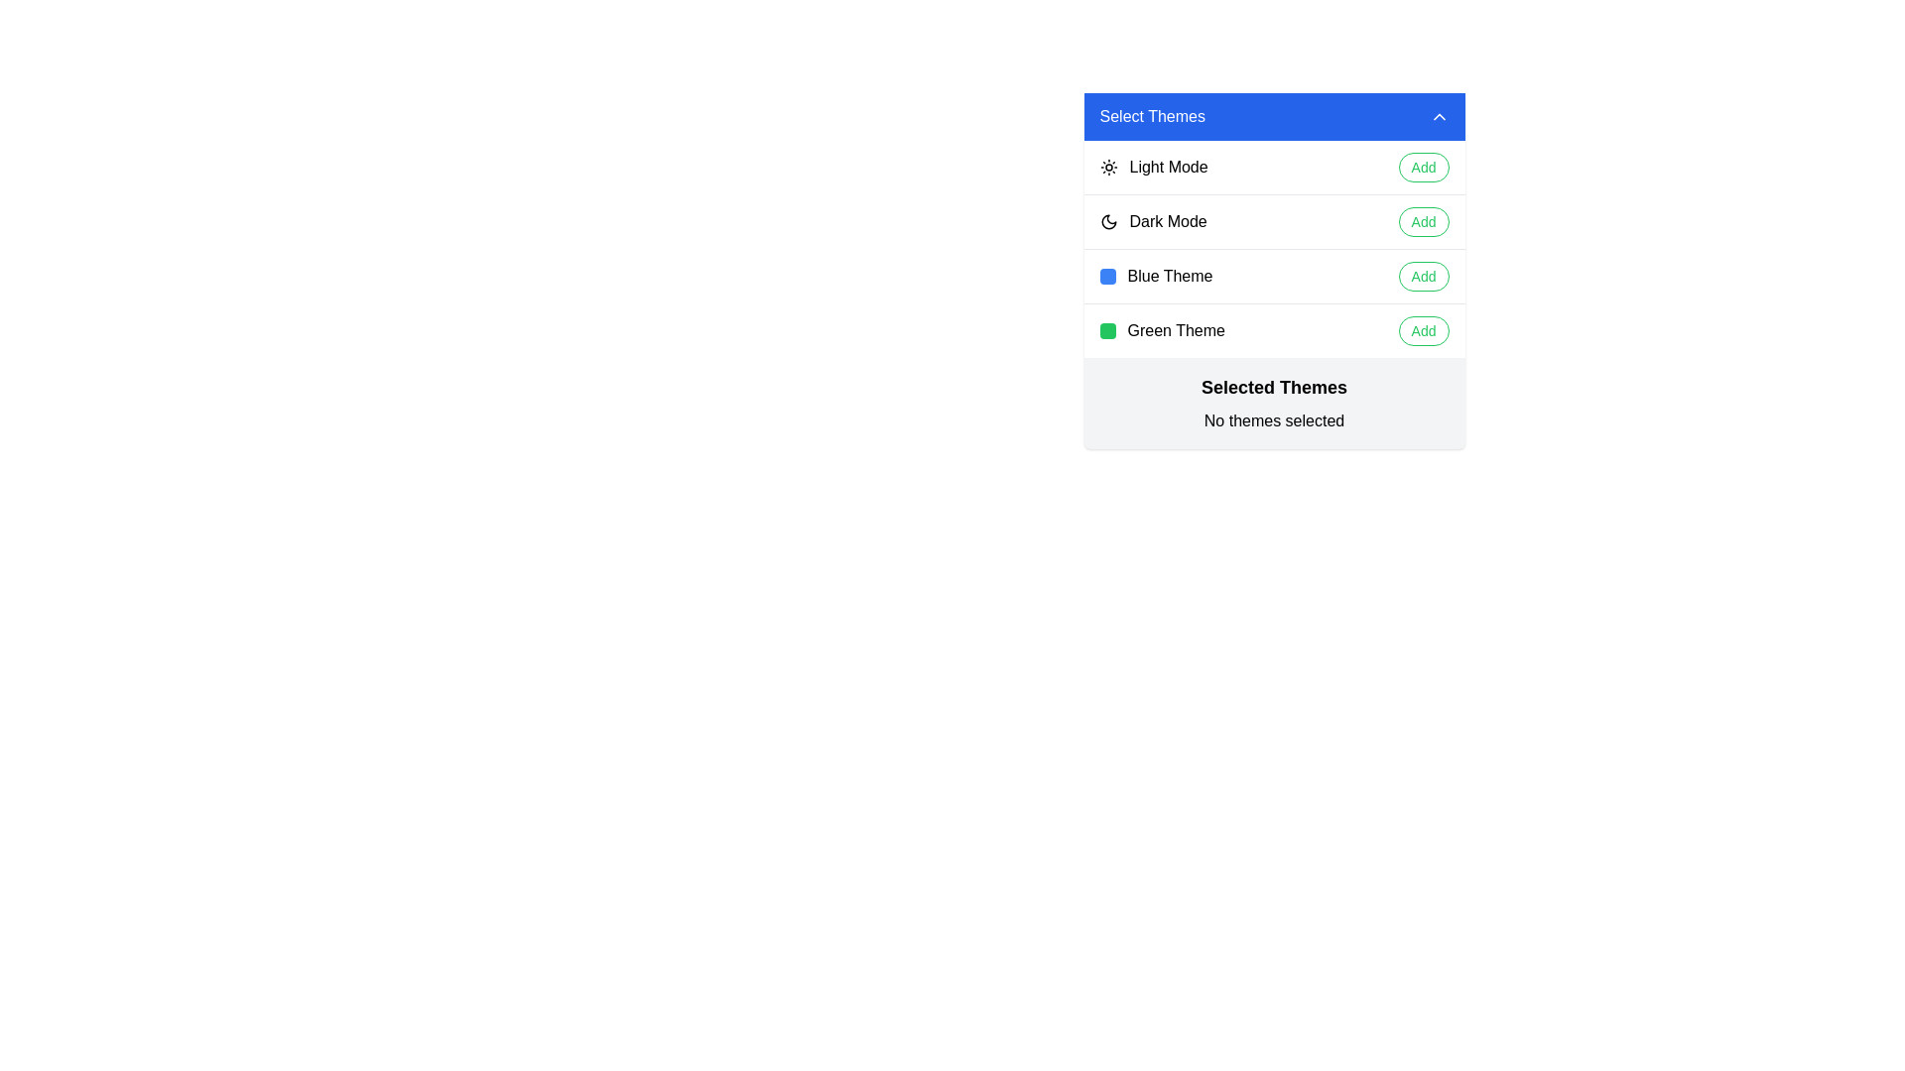  Describe the element at coordinates (1176, 330) in the screenshot. I see `the 'Green Theme' label, which is part of a theme options list, located between a green circular indicator and an 'Add' button` at that location.